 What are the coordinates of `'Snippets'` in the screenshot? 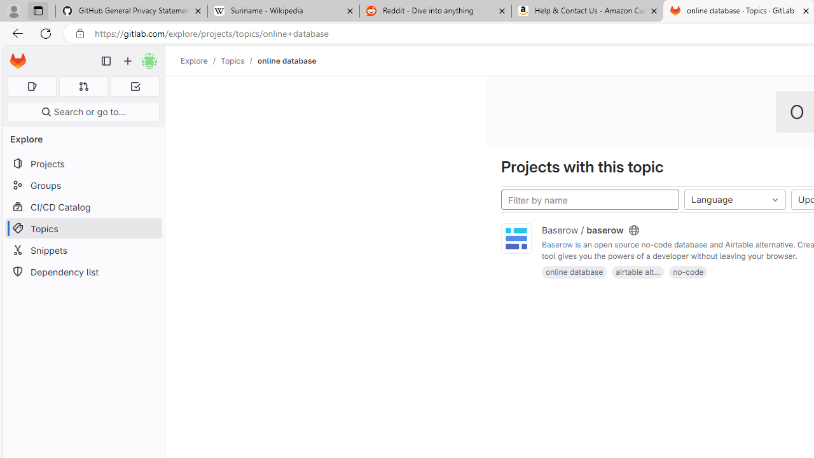 It's located at (83, 250).